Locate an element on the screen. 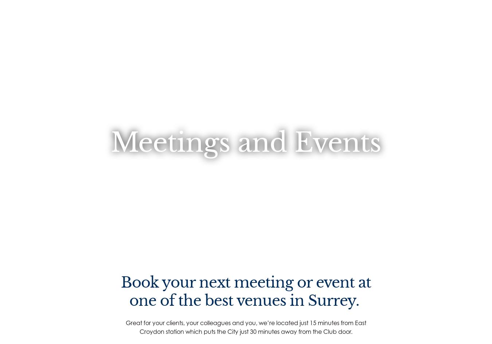  'Weddings' is located at coordinates (153, 141).